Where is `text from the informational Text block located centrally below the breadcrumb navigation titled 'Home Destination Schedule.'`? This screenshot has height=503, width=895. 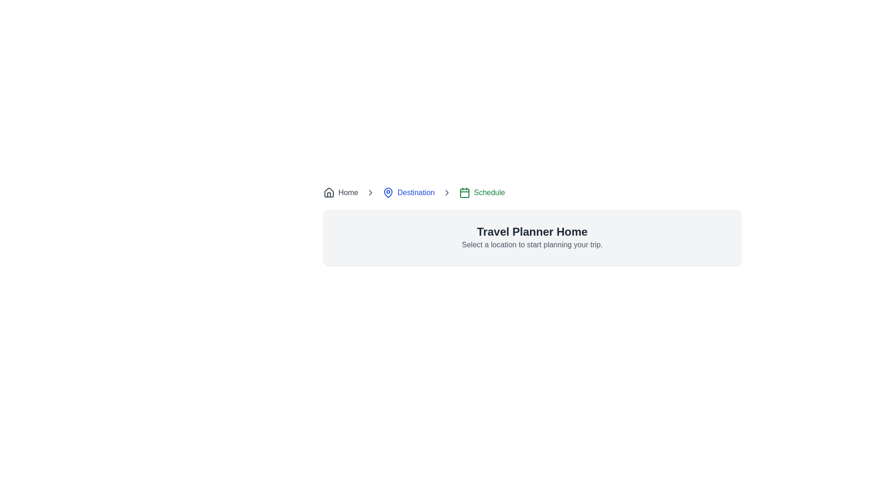
text from the informational Text block located centrally below the breadcrumb navigation titled 'Home Destination Schedule.' is located at coordinates (532, 237).